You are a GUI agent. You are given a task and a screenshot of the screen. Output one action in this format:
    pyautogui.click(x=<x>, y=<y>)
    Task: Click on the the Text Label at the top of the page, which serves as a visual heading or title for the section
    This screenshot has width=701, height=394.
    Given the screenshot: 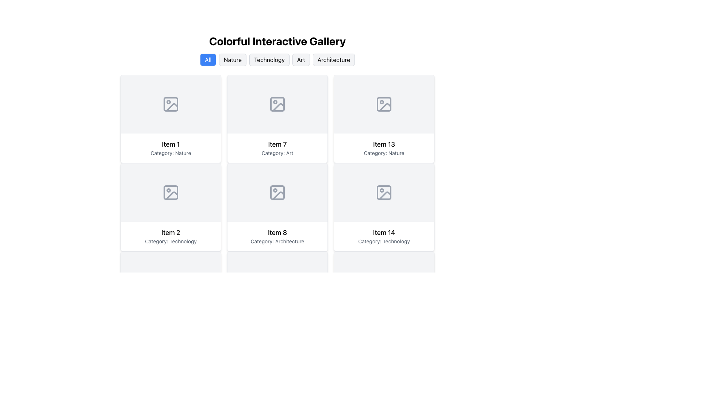 What is the action you would take?
    pyautogui.click(x=277, y=41)
    